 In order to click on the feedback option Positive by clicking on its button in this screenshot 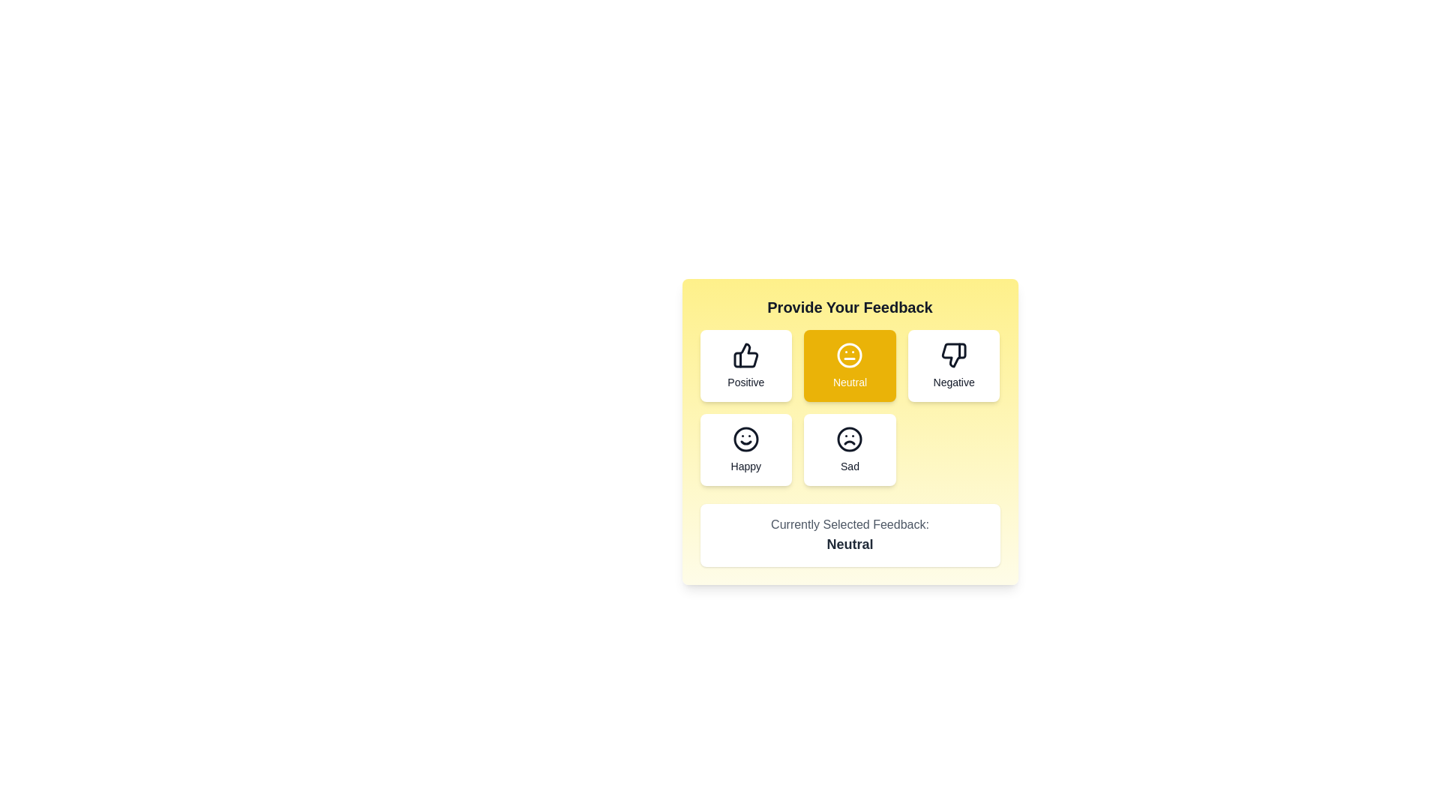, I will do `click(745, 366)`.